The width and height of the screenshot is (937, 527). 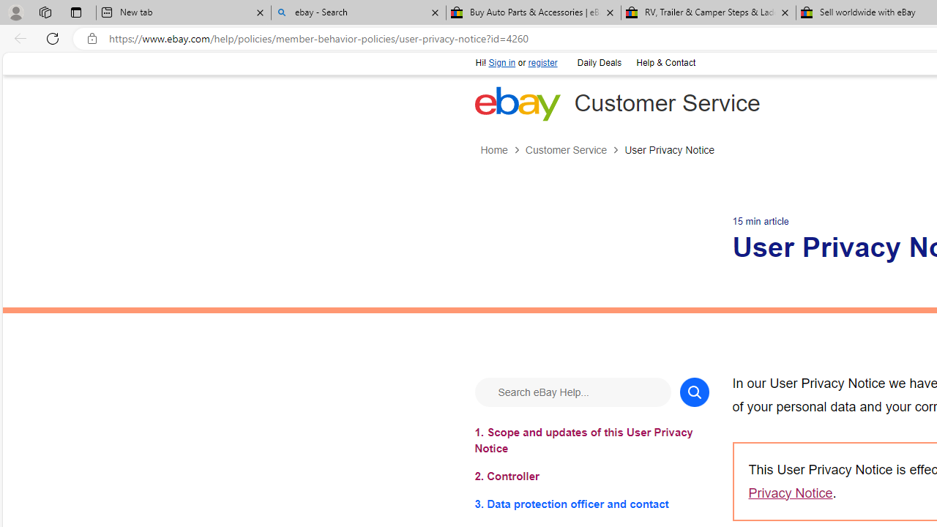 I want to click on 'Help & Contact', so click(x=665, y=63).